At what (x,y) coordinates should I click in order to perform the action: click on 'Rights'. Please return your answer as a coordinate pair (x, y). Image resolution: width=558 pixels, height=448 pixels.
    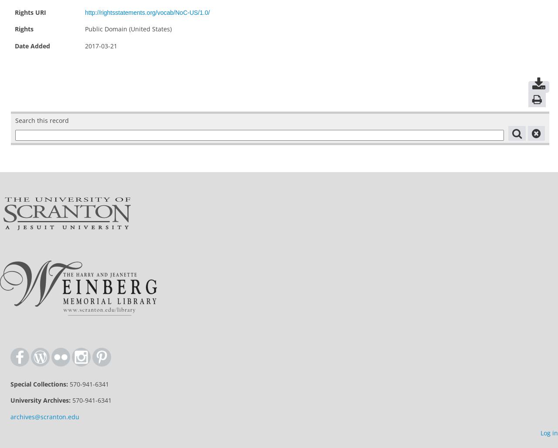
    Looking at the image, I should click on (24, 28).